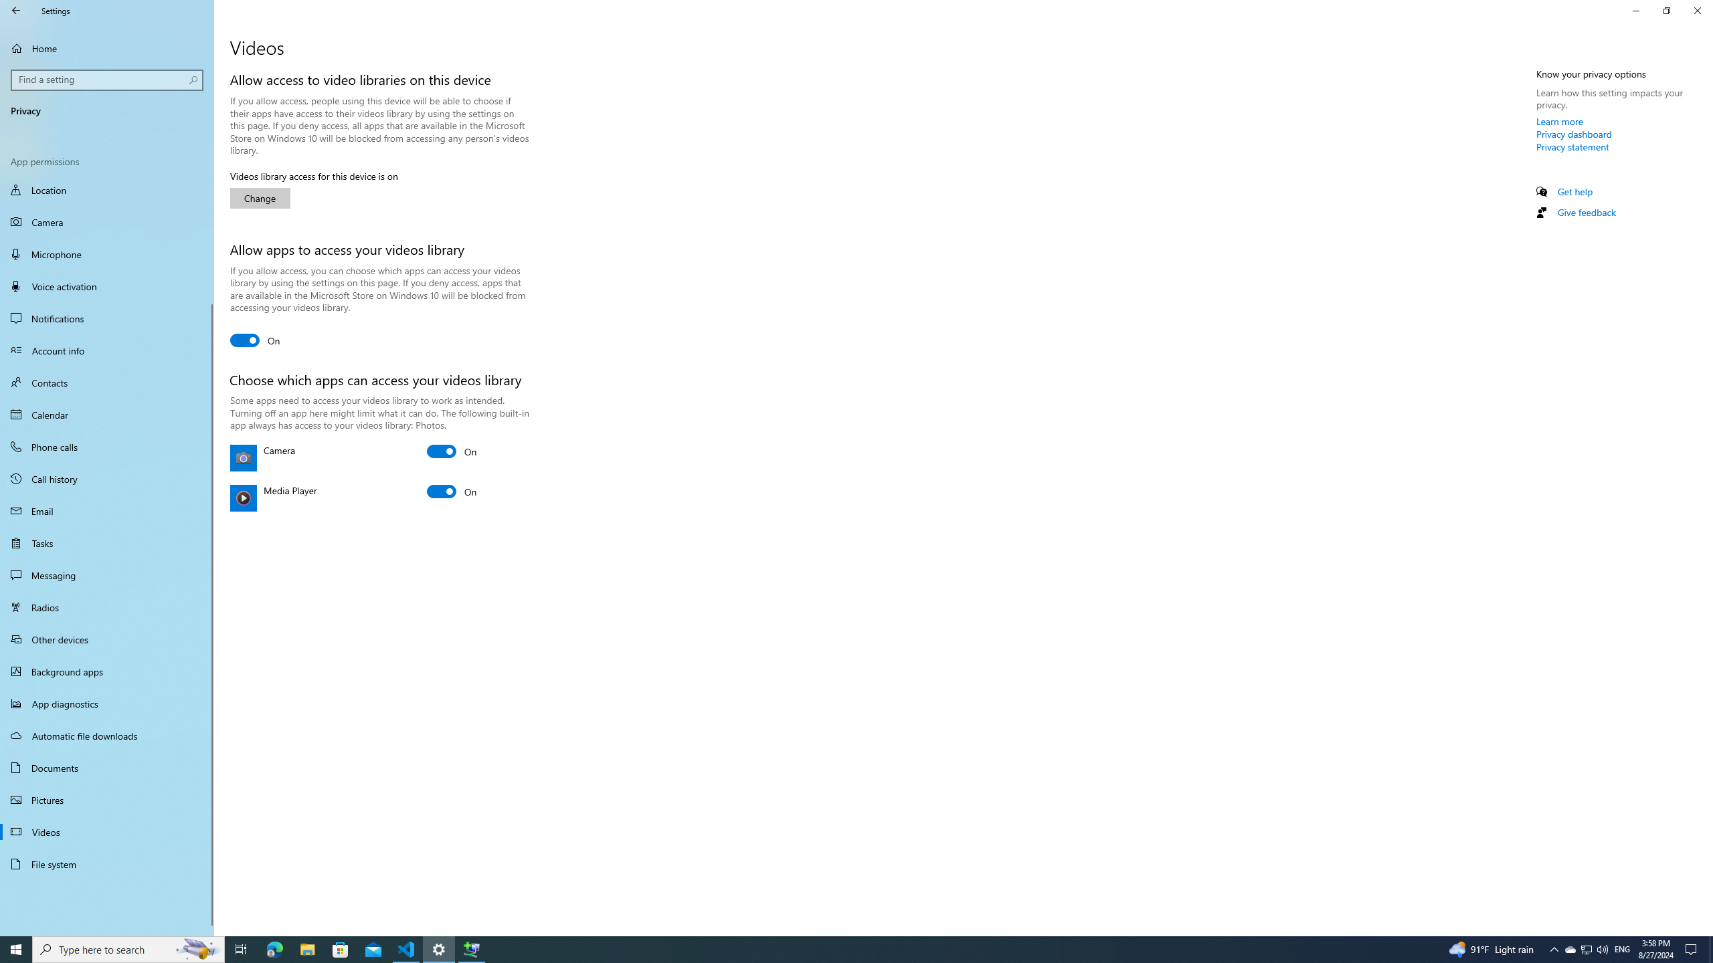  I want to click on 'Calendar', so click(106, 413).